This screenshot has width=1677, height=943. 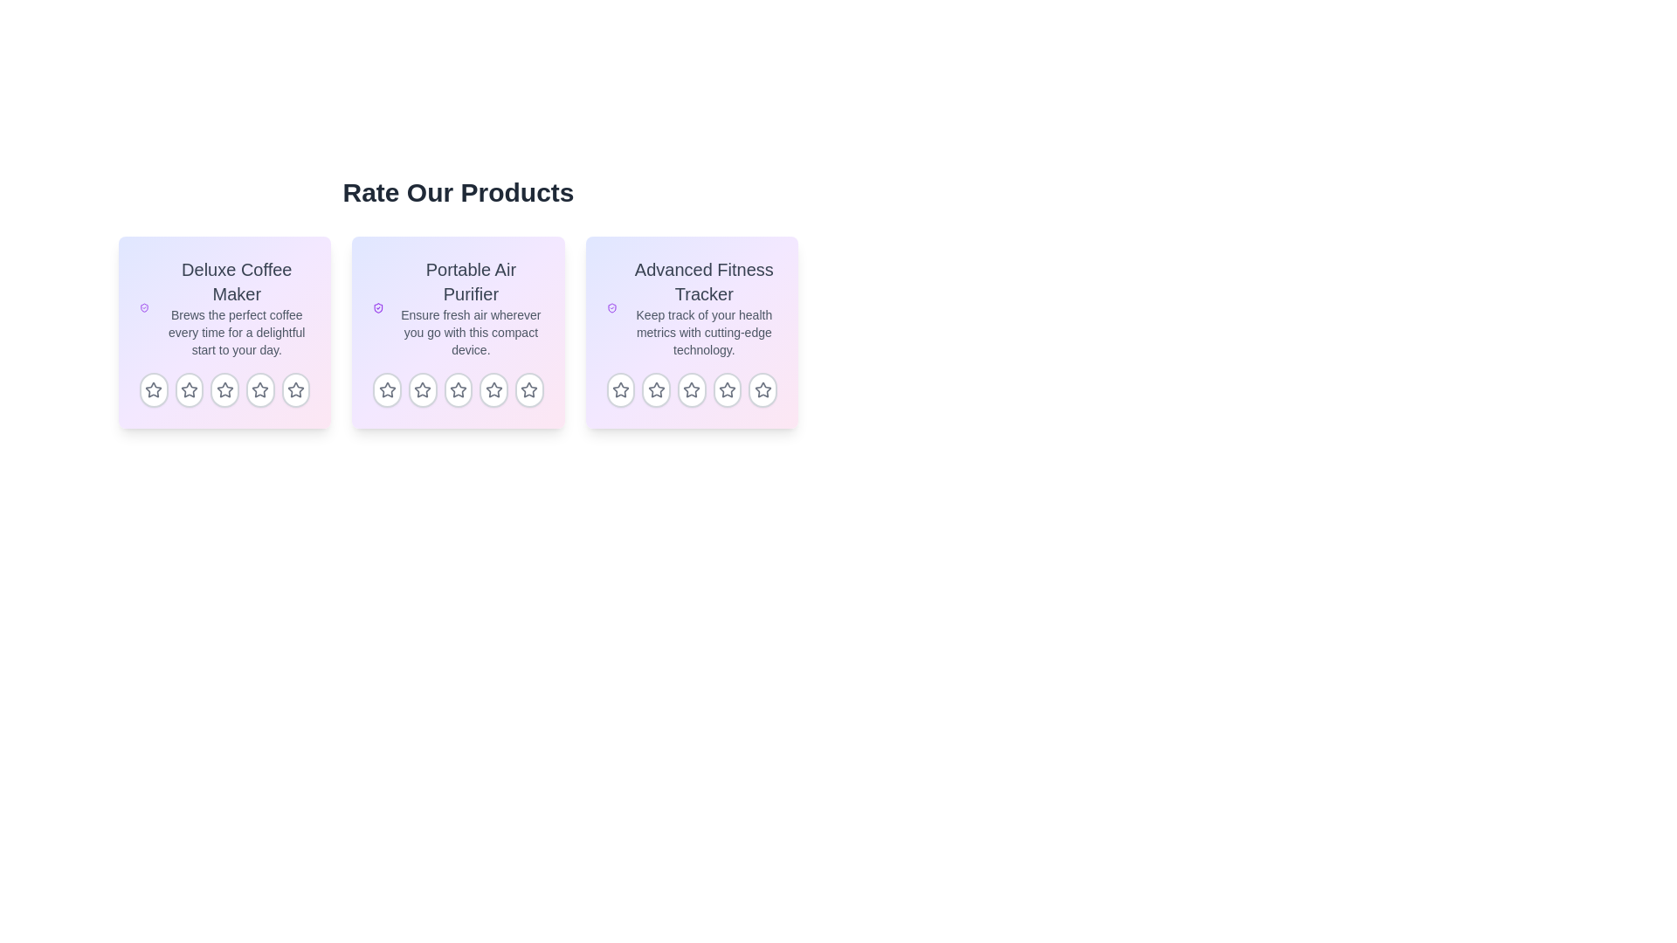 What do you see at coordinates (423, 389) in the screenshot?
I see `the second star icon from the left` at bounding box center [423, 389].